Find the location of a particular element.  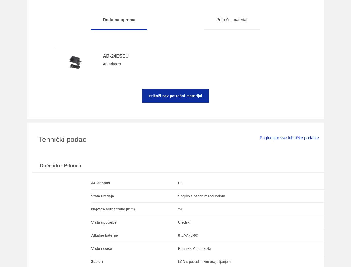

'Informacije o sigurnosnoj podršci' is located at coordinates (131, 168).